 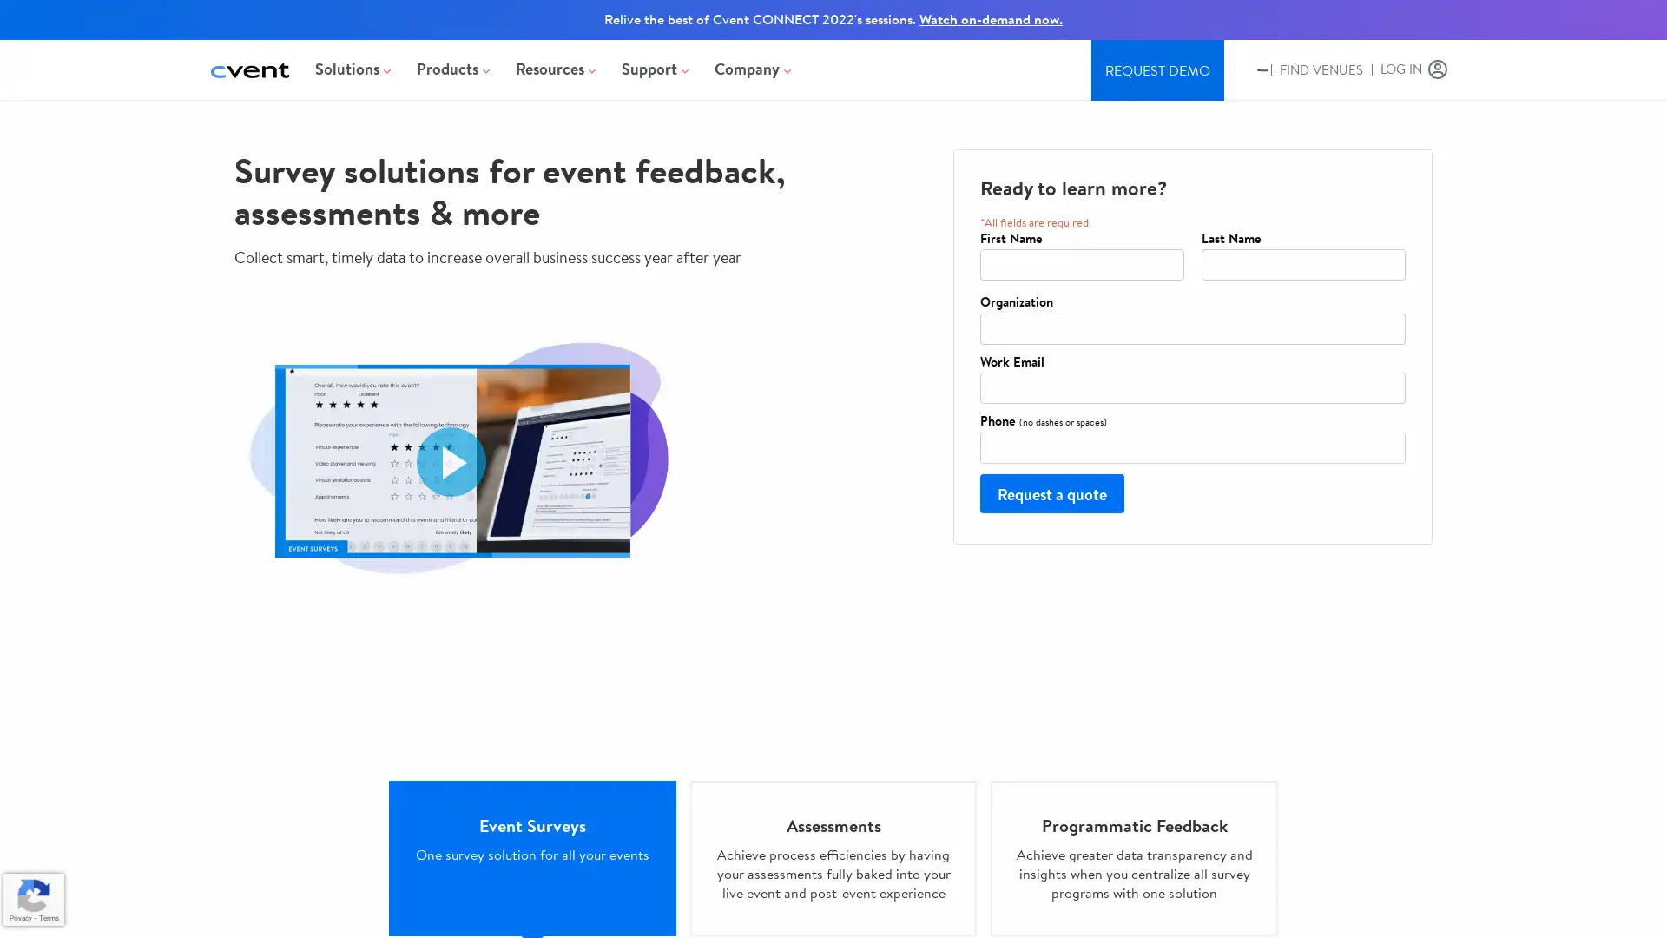 What do you see at coordinates (1051, 492) in the screenshot?
I see `Request a quote` at bounding box center [1051, 492].